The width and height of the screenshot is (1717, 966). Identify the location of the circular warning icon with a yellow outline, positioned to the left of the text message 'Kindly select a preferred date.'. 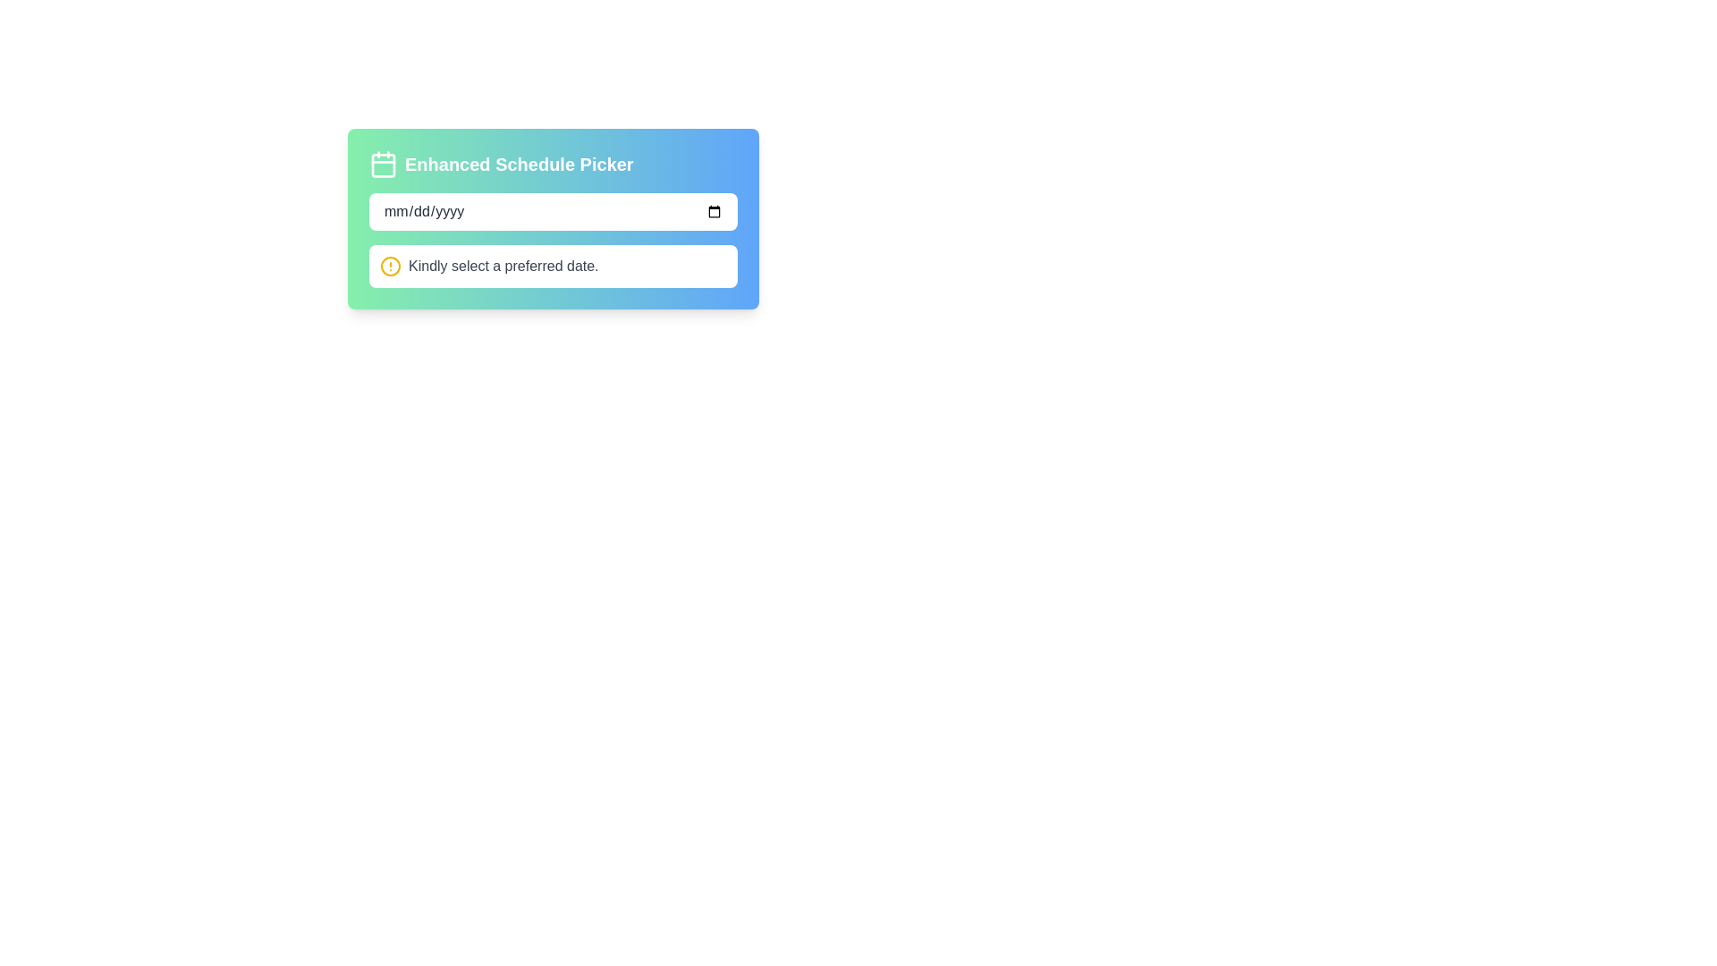
(389, 266).